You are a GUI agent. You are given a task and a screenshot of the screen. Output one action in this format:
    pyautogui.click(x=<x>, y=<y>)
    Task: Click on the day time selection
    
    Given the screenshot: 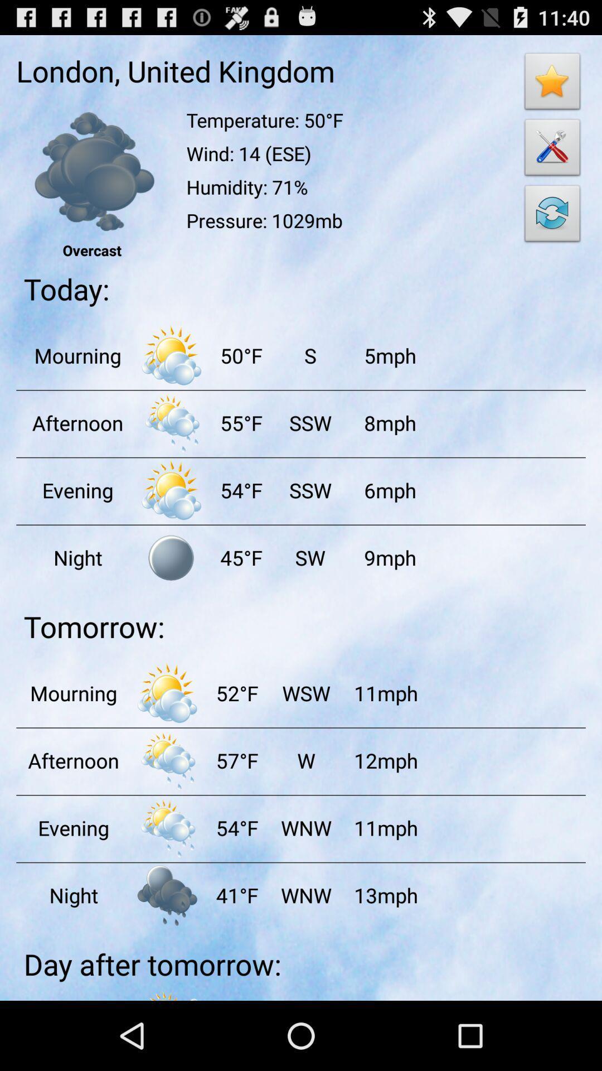 What is the action you would take?
    pyautogui.click(x=171, y=355)
    